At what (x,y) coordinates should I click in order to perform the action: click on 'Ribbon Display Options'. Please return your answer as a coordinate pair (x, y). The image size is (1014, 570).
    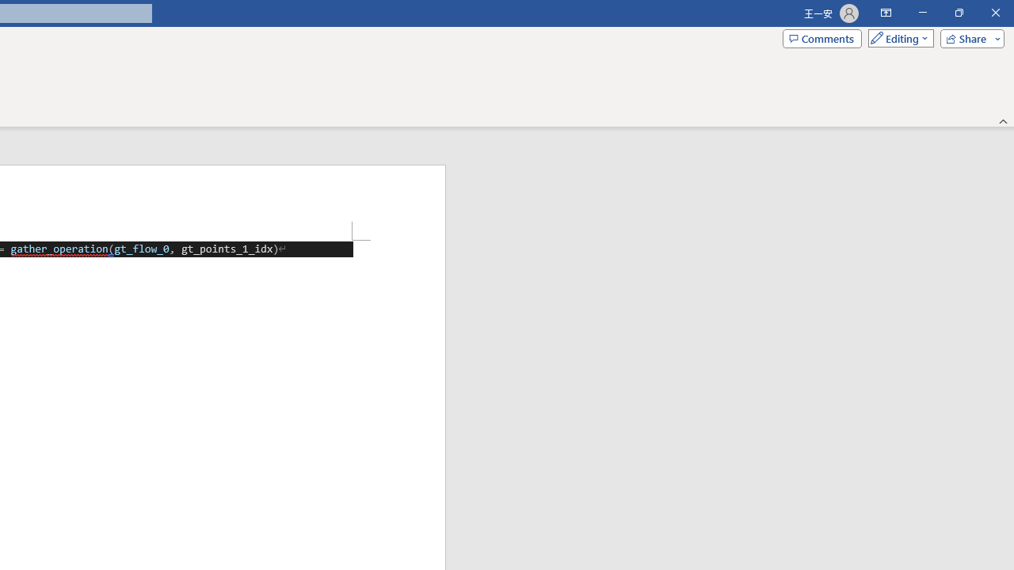
    Looking at the image, I should click on (885, 13).